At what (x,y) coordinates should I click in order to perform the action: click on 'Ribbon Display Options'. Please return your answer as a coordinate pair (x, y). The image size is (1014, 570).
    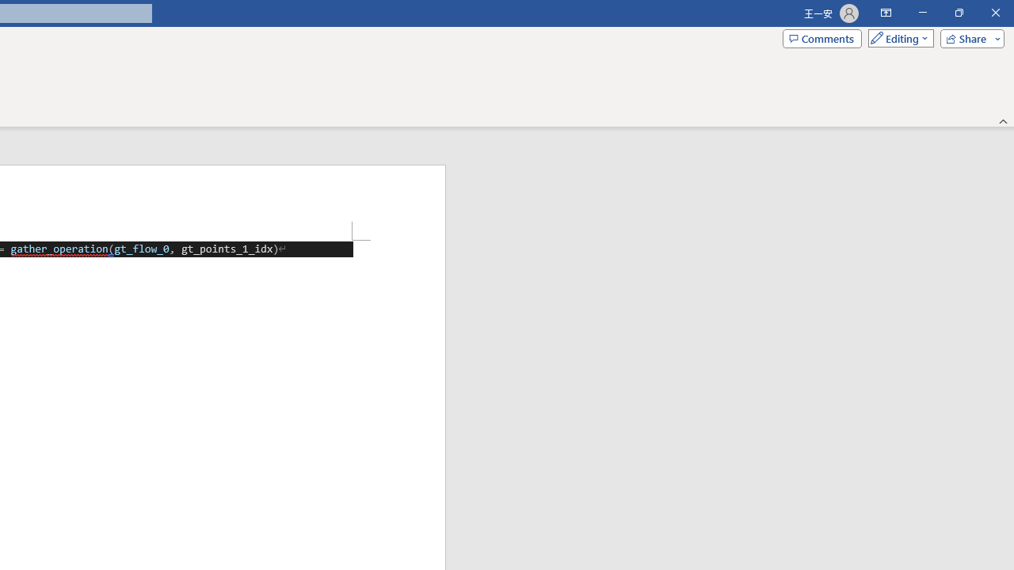
    Looking at the image, I should click on (885, 13).